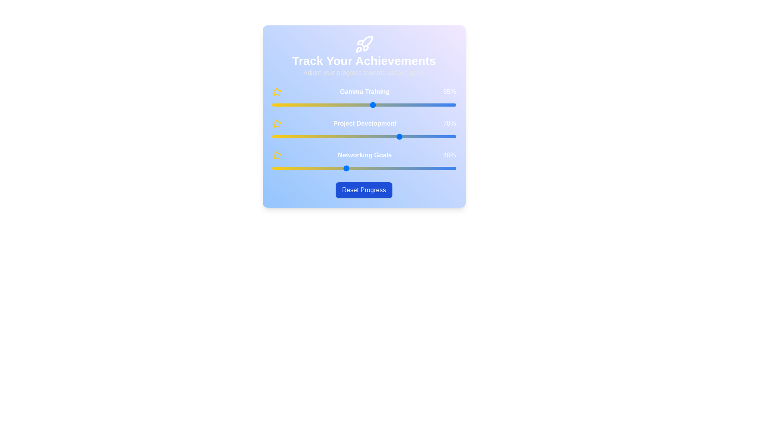 This screenshot has width=761, height=428. What do you see at coordinates (376, 136) in the screenshot?
I see `the 'Project Development' slider to 57%` at bounding box center [376, 136].